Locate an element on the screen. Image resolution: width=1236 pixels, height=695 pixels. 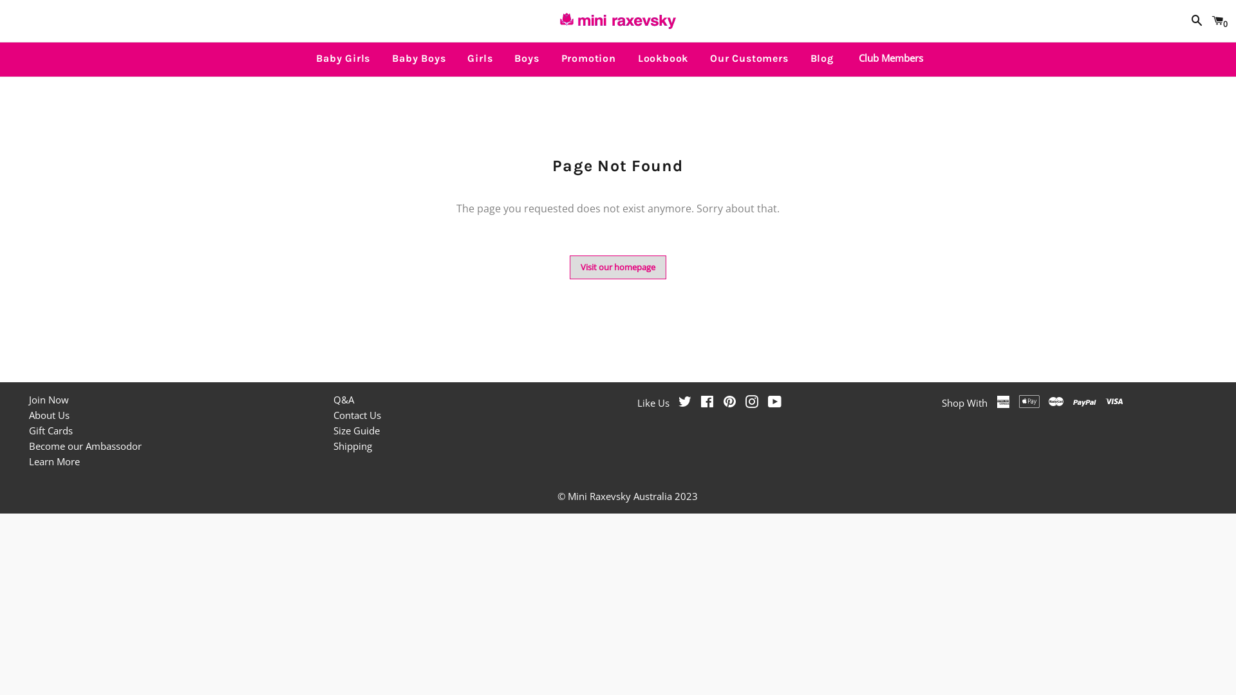
'Join Now' is located at coordinates (49, 399).